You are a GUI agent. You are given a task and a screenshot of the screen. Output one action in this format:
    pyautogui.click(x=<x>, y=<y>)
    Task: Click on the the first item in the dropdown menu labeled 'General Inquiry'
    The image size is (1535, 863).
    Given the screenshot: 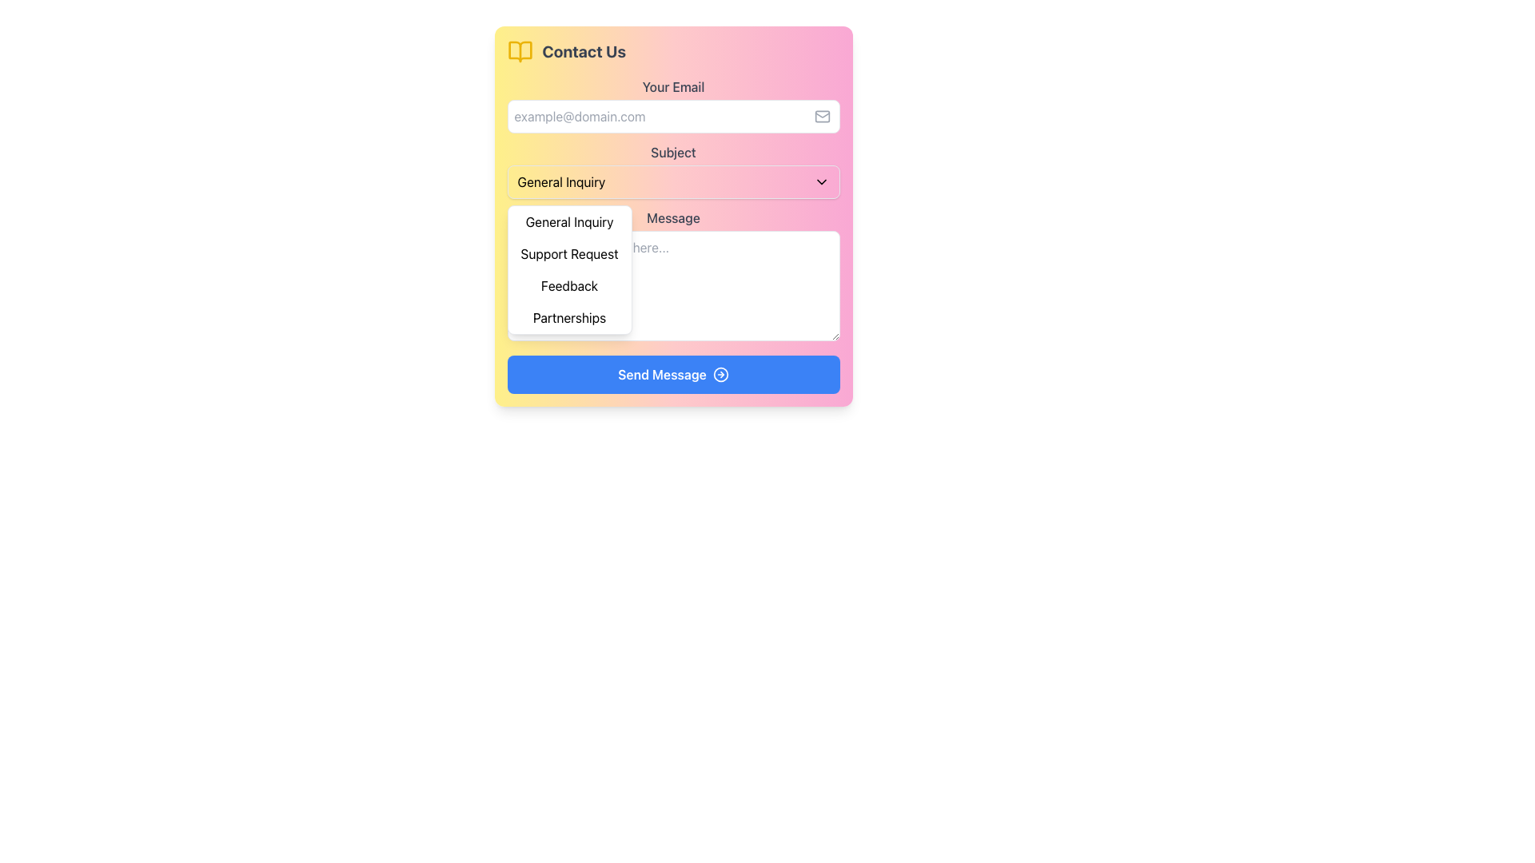 What is the action you would take?
    pyautogui.click(x=569, y=221)
    